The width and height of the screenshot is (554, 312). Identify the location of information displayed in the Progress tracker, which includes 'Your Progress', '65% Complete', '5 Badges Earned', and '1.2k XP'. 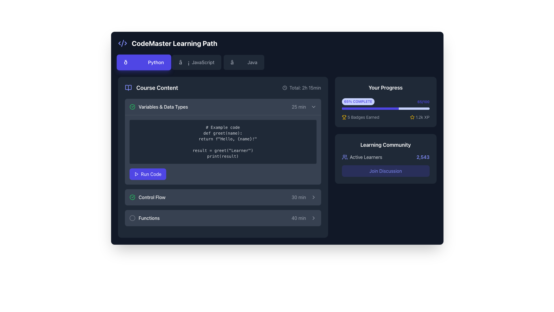
(385, 102).